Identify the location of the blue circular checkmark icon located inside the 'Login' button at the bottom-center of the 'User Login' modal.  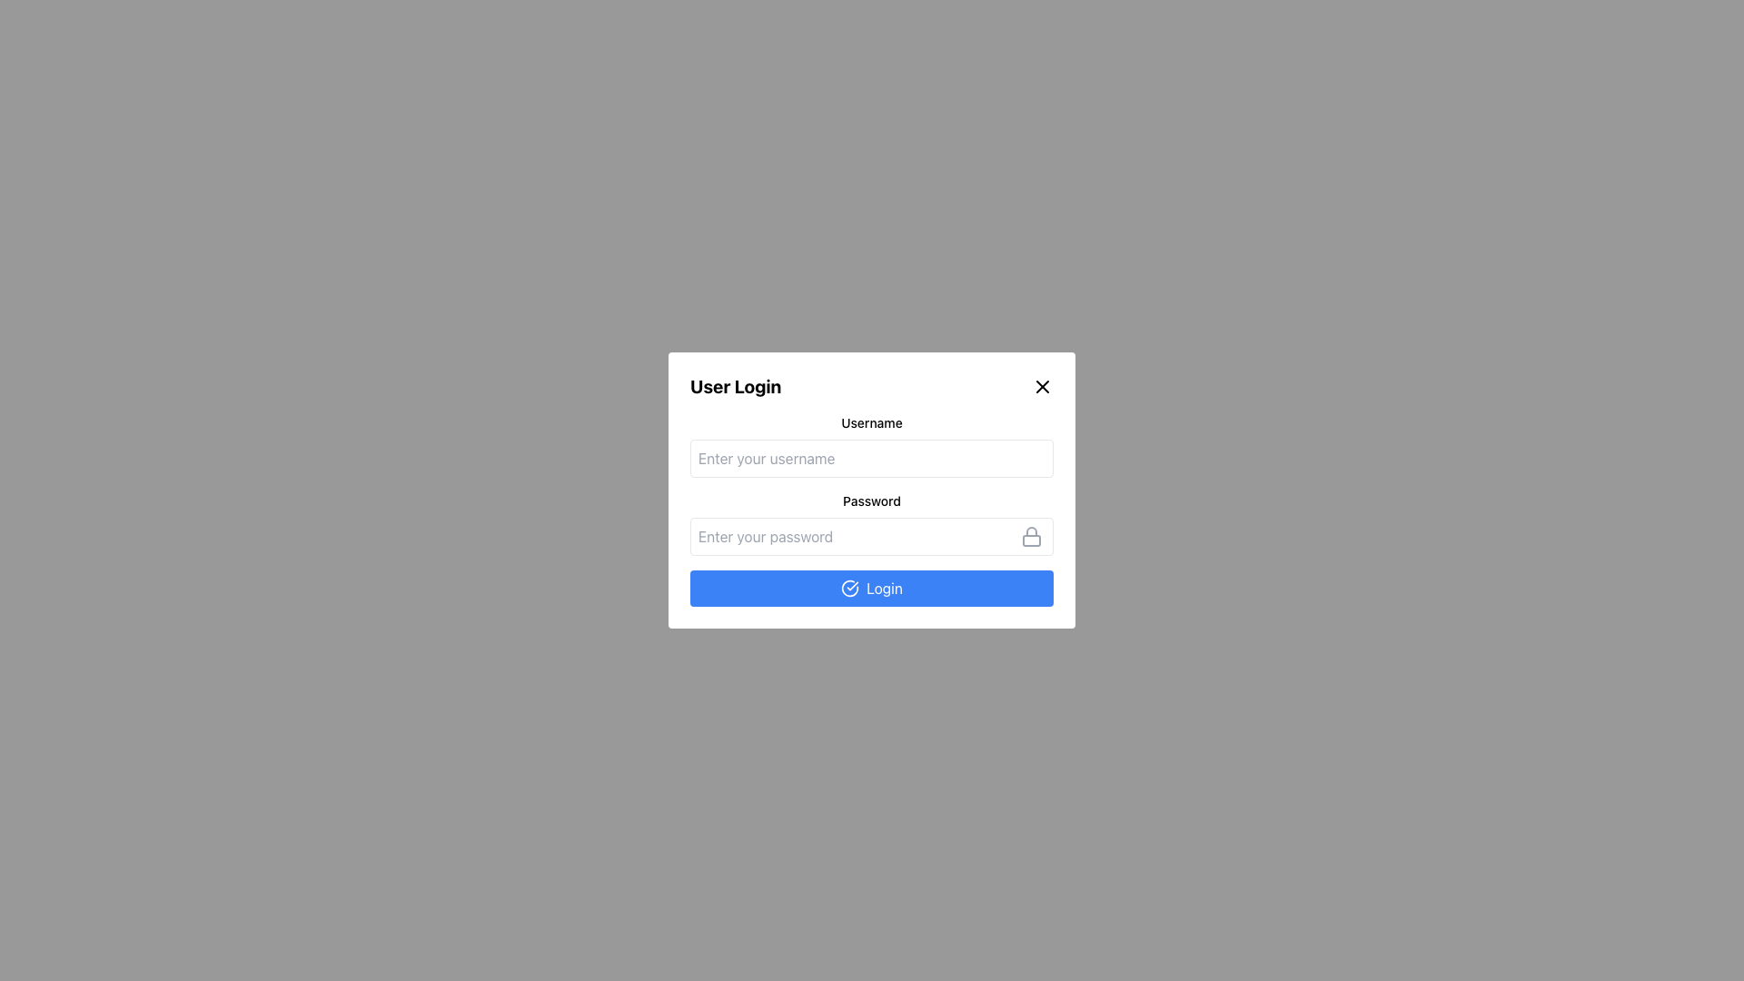
(849, 589).